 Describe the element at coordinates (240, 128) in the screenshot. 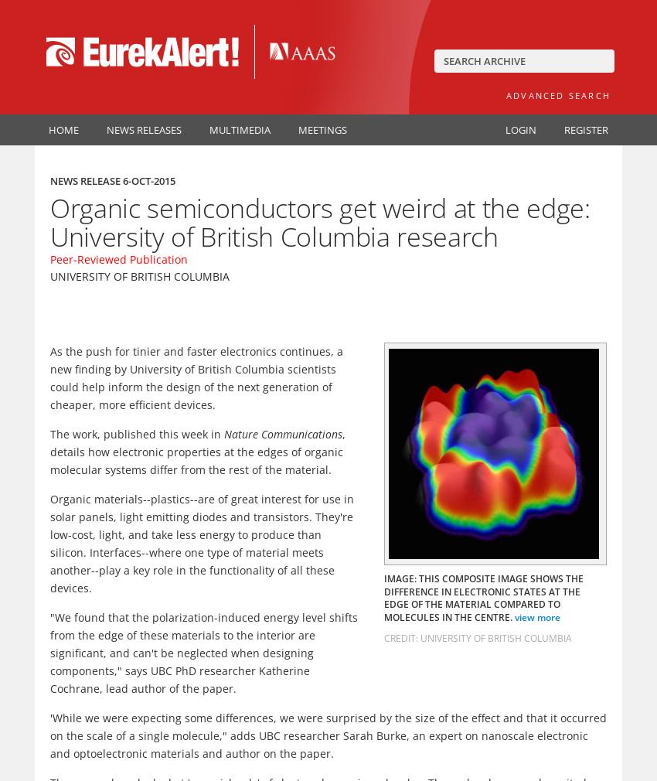

I see `'Multimedia'` at that location.